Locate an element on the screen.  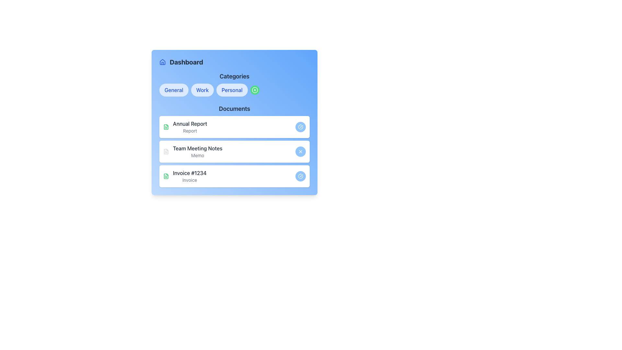
the file icon representing the 'Team Meeting Notes' document entry in the document list, which features a folded corner design and a bordered outline is located at coordinates (166, 151).